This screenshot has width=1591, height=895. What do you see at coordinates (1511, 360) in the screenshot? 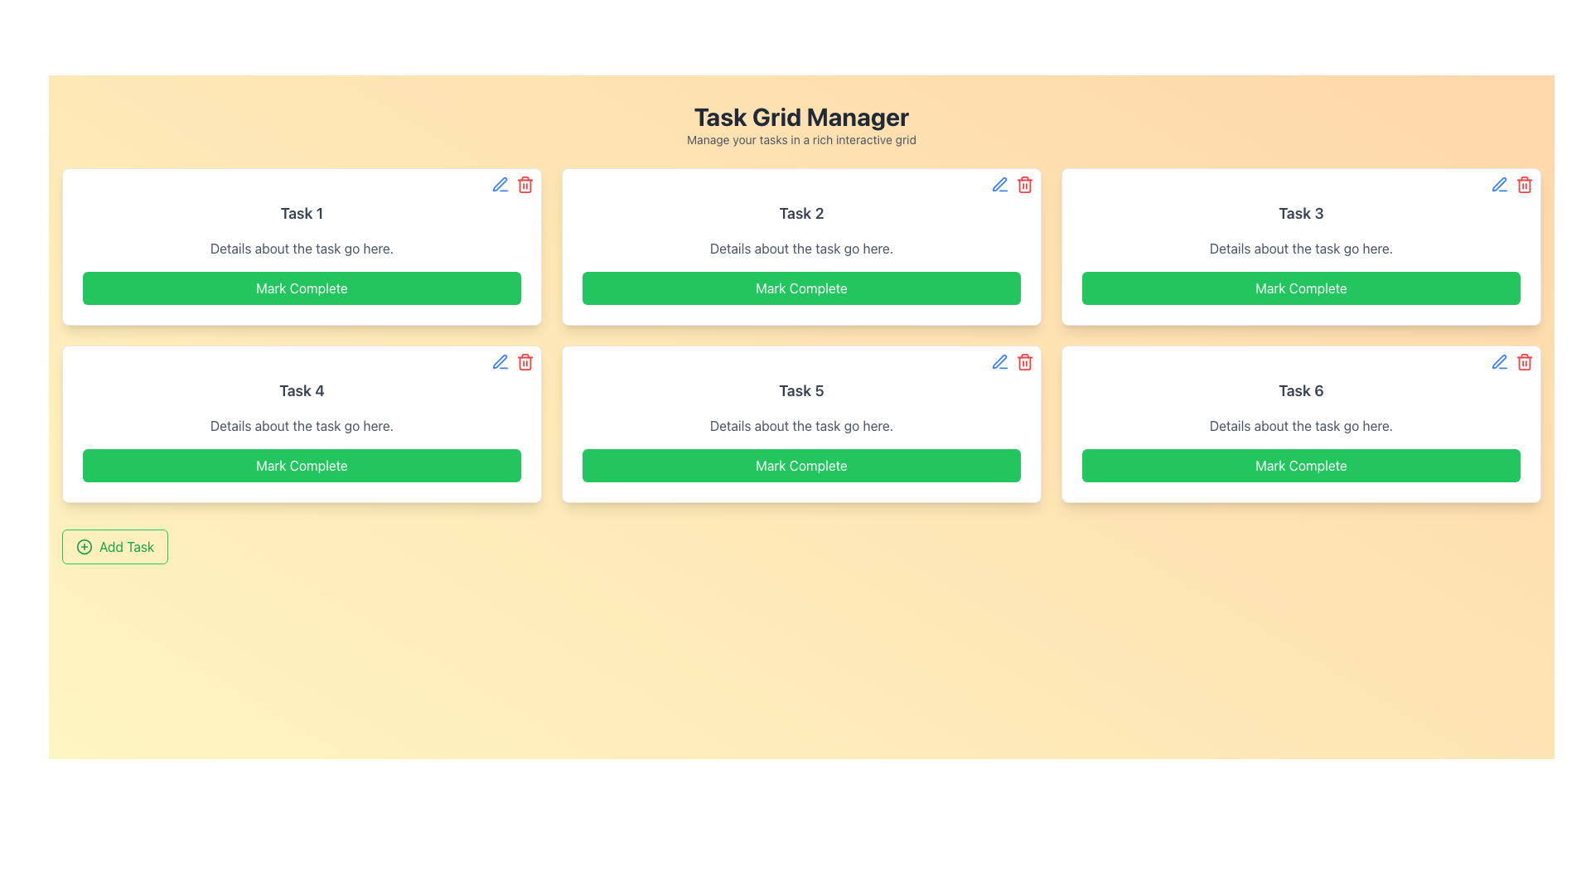
I see `the interactive buttons in the top-right corner of the 'Task 6' card` at bounding box center [1511, 360].